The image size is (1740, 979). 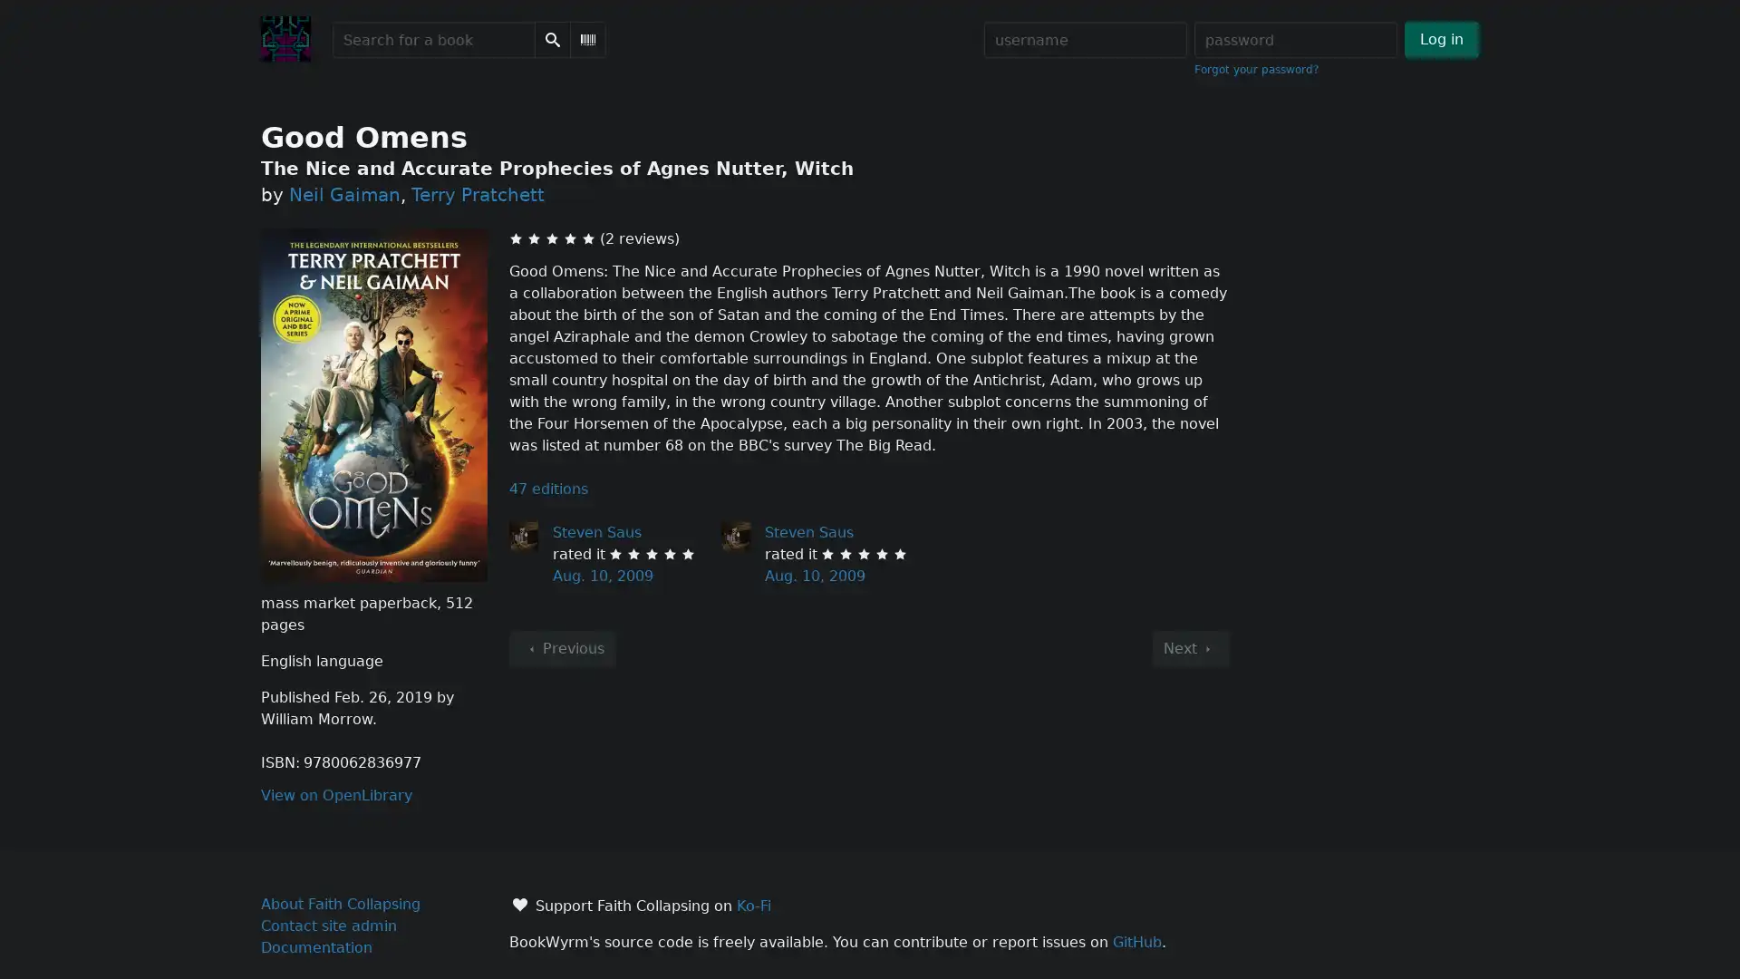 What do you see at coordinates (372, 403) in the screenshot?
I see `Good Omens (Paperback, 2019, William Morrow) Click to enlarge` at bounding box center [372, 403].